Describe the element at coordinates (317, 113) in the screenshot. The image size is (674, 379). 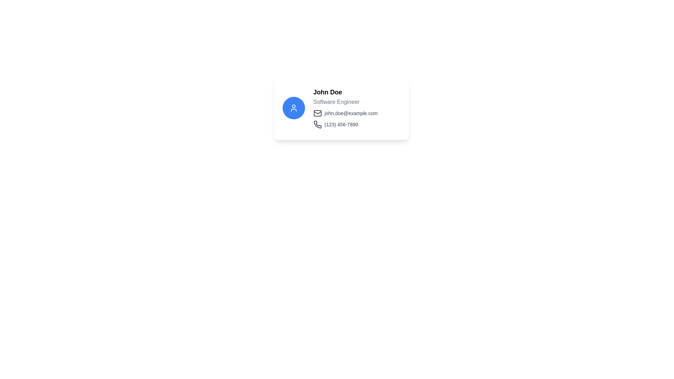
I see `the decorative mail icon that visually indicates the email address's purpose, located above the phone icon and adjacent to the email text 'john.doe@example.com'` at that location.